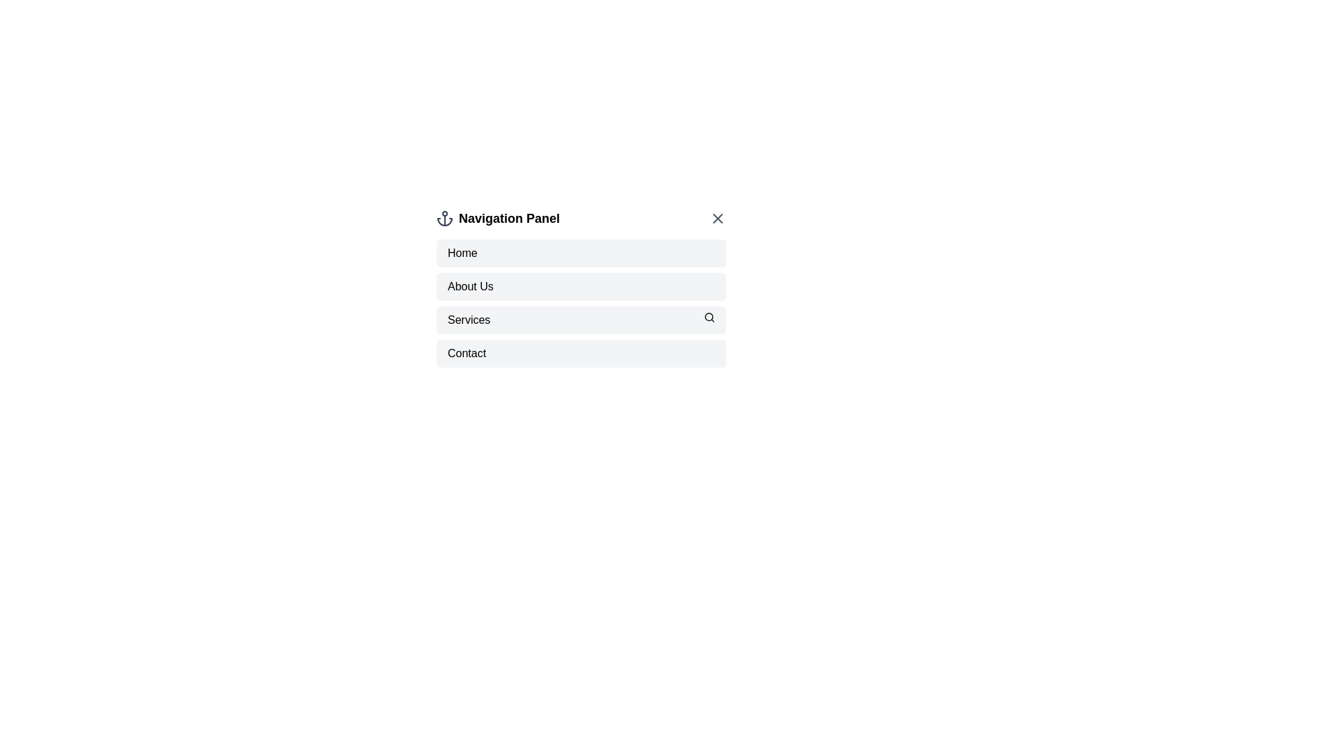 The image size is (1337, 752). What do you see at coordinates (444, 218) in the screenshot?
I see `the Icon associated with the 'Navigation Panel' in the navigation menu, which is positioned at the far left of the row and serves as a visual identifier for the menu` at bounding box center [444, 218].